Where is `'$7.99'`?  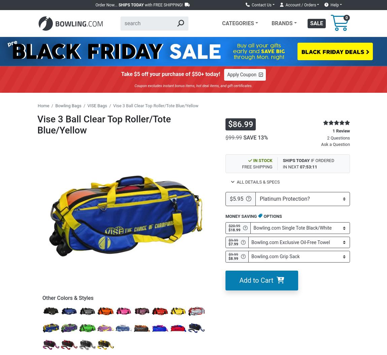 '$7.99' is located at coordinates (233, 244).